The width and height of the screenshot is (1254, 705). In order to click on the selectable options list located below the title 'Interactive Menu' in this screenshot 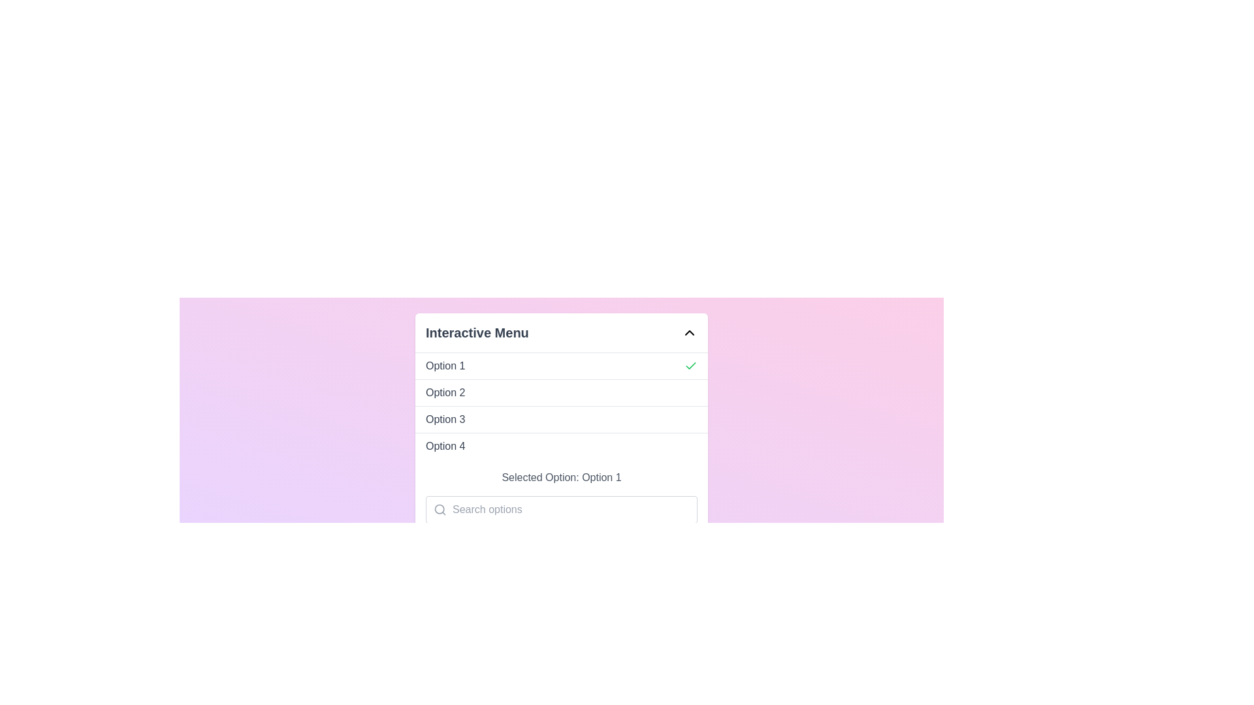, I will do `click(561, 405)`.